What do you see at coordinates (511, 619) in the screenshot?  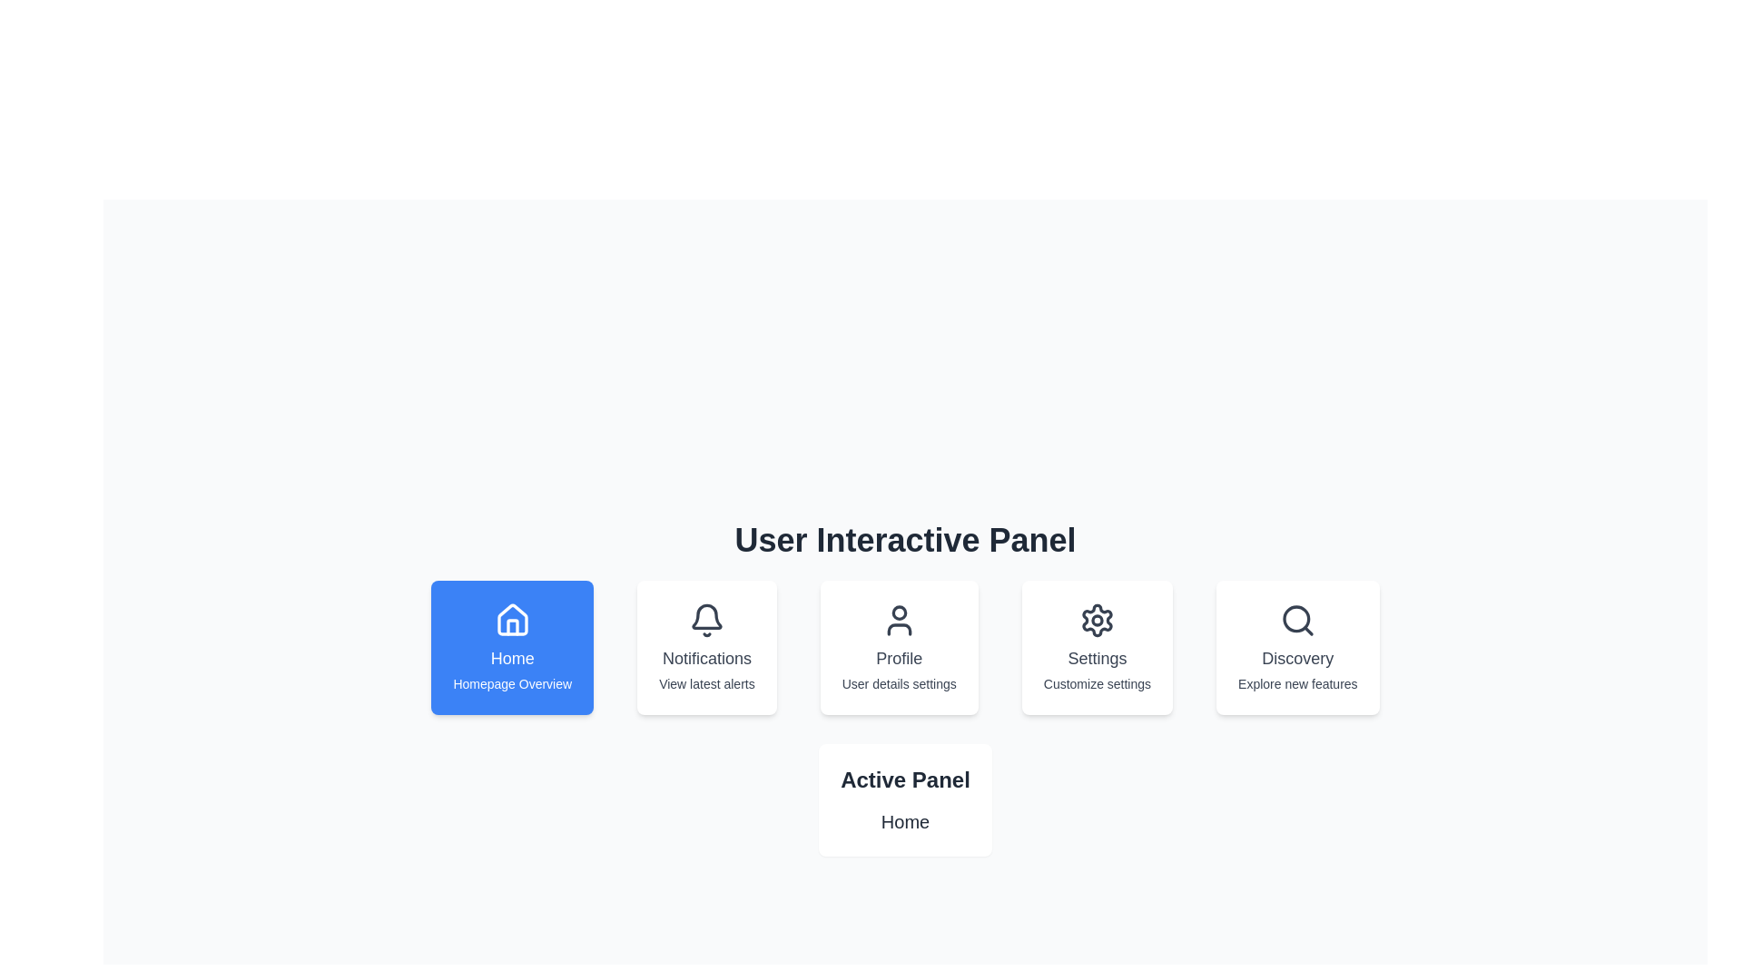 I see `the 'Home' icon located at the top-center of the card labeled 'Home' with the subtitle 'Homepage Overview.'` at bounding box center [511, 619].